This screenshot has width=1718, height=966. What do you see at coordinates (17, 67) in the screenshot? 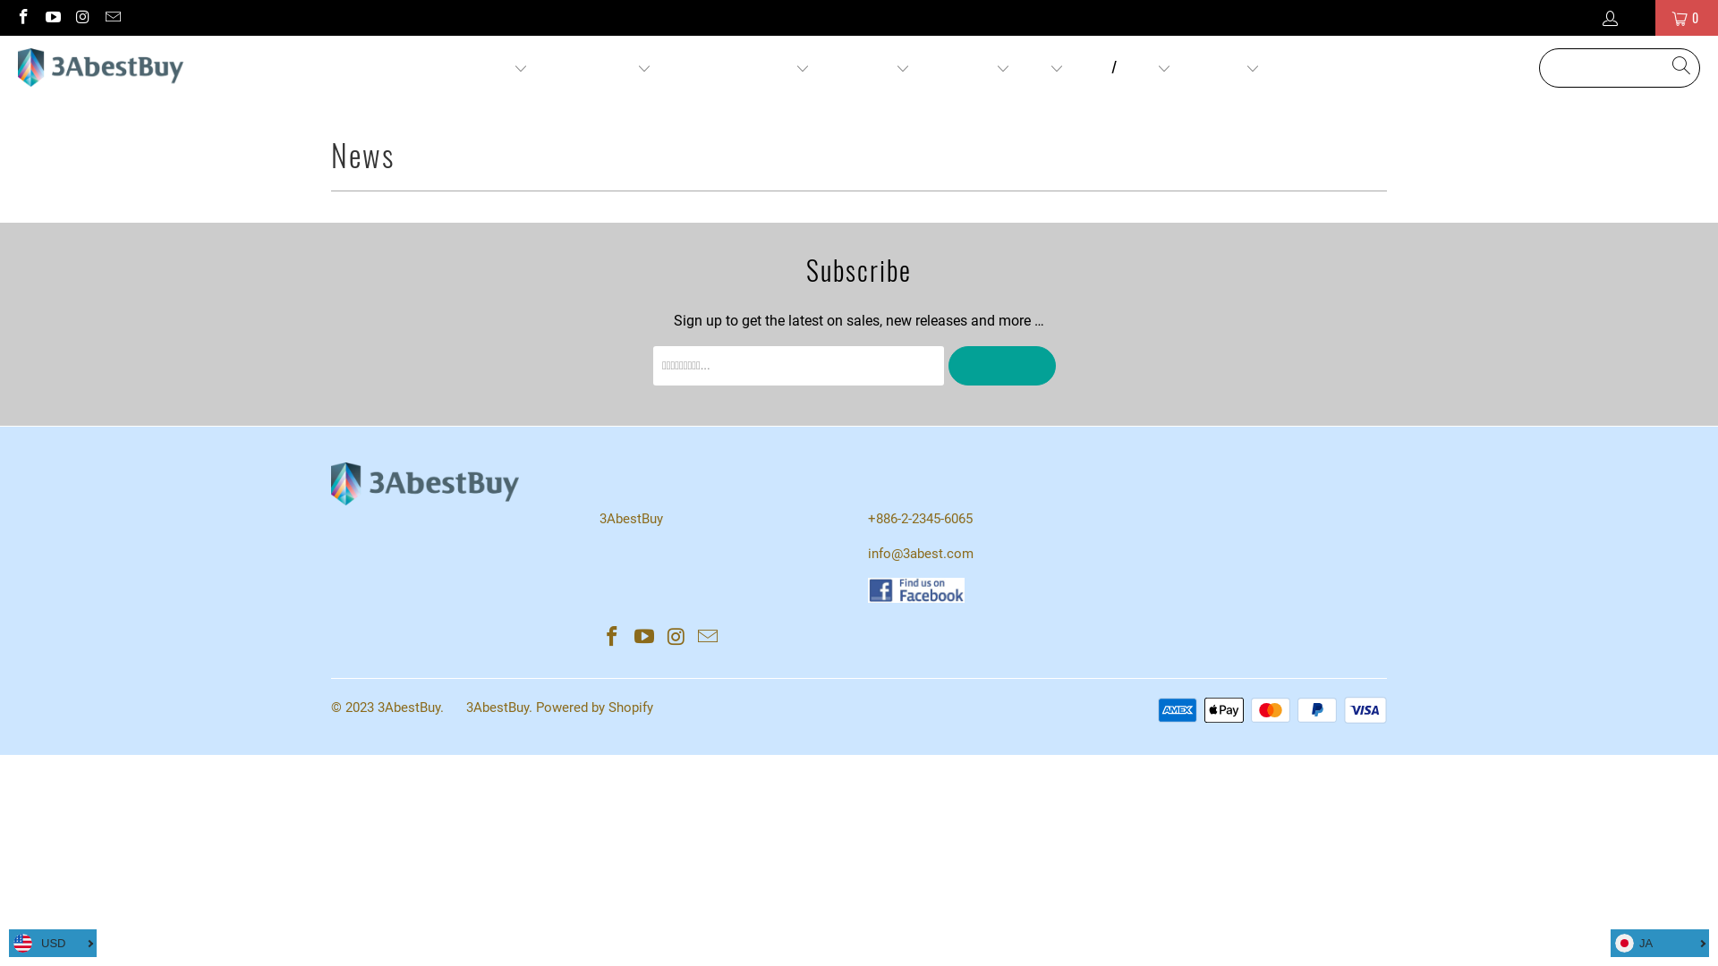
I see `'3AbestBuy'` at bounding box center [17, 67].